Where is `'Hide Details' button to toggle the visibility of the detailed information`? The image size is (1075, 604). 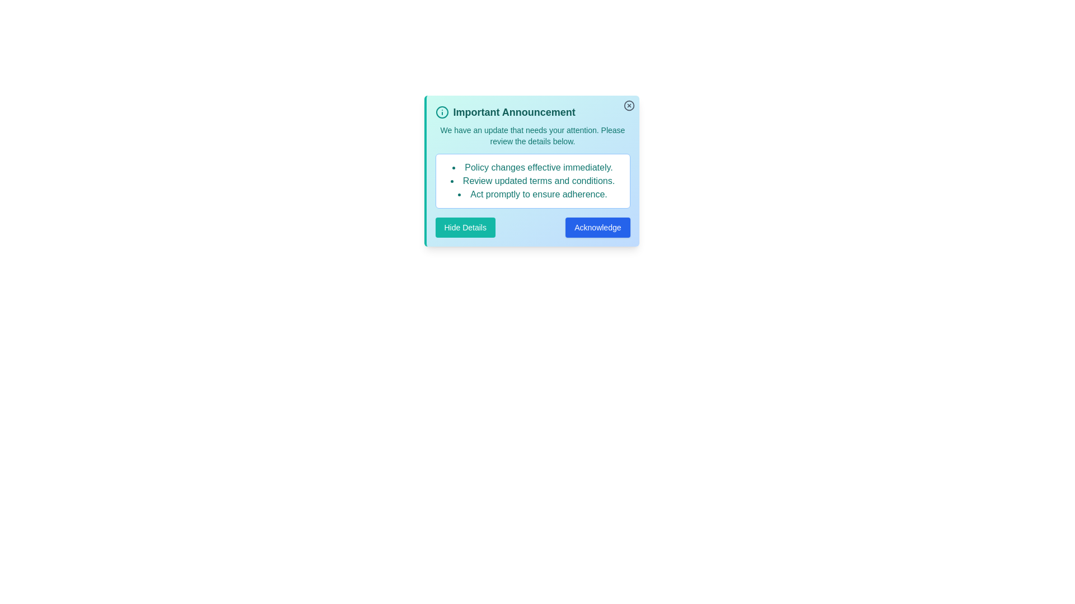 'Hide Details' button to toggle the visibility of the detailed information is located at coordinates (465, 227).